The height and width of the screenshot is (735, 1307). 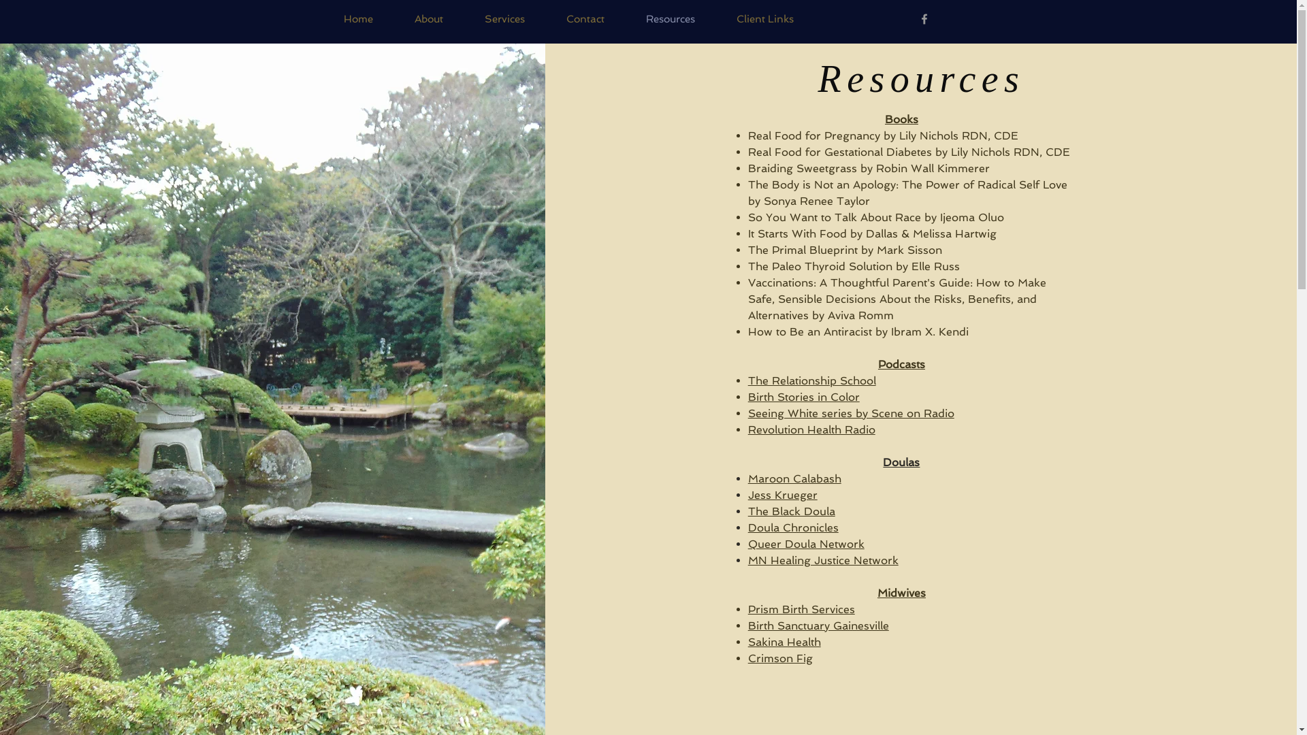 I want to click on 'The Black Doula', so click(x=747, y=511).